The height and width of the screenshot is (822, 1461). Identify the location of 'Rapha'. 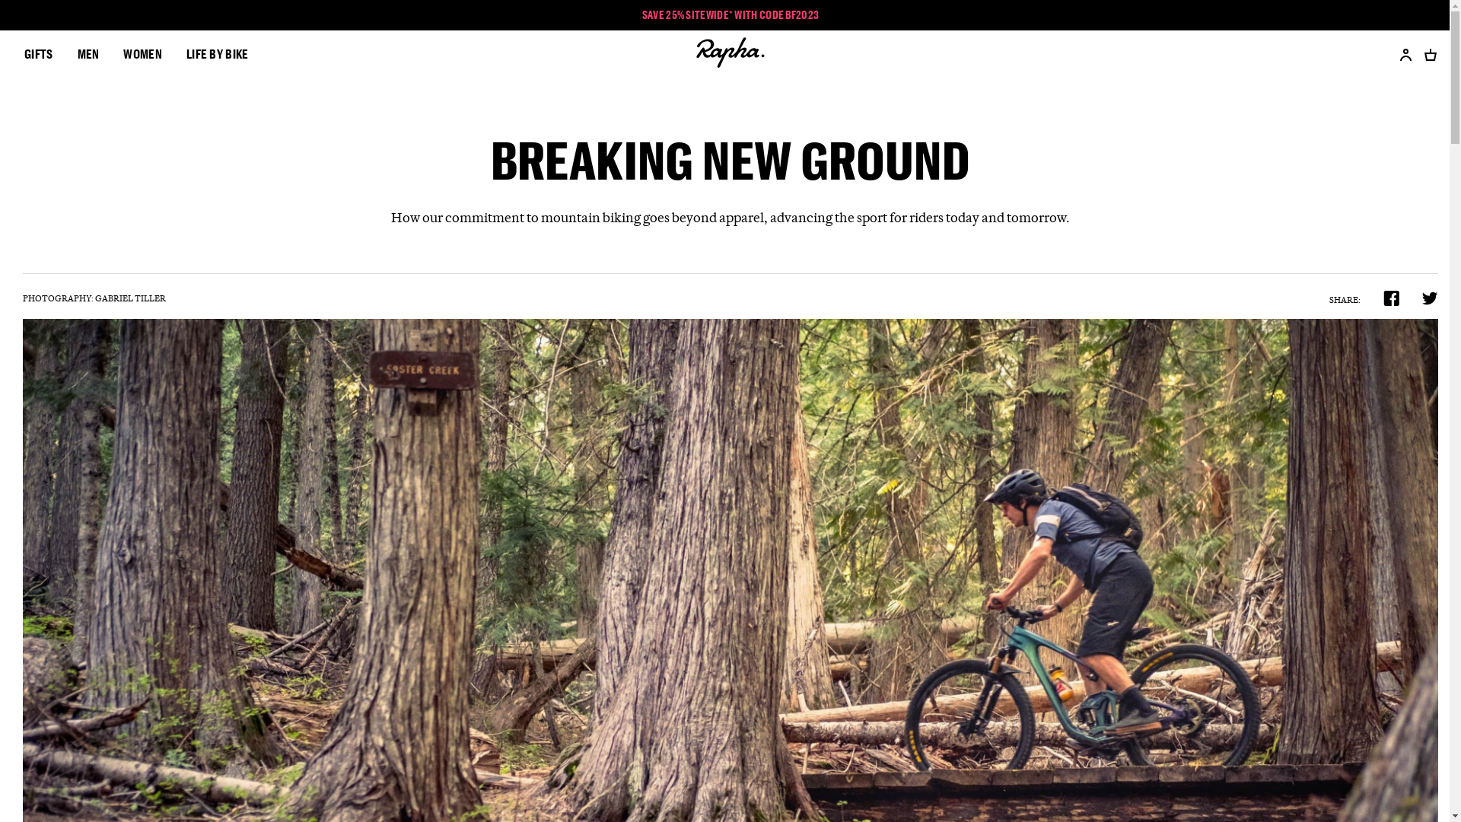
(730, 54).